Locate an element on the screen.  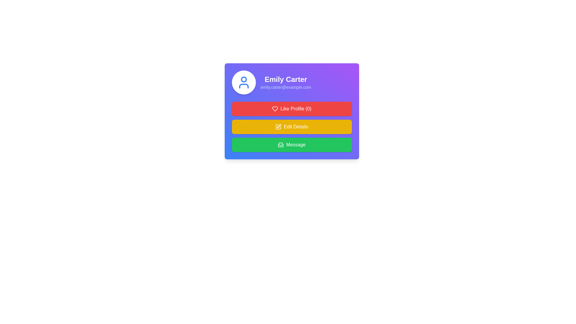
the decorative Vector Icon that visually represents the editable area in the interface, located between the 'Message' button and the 'Like Profile (0)' button is located at coordinates (278, 127).